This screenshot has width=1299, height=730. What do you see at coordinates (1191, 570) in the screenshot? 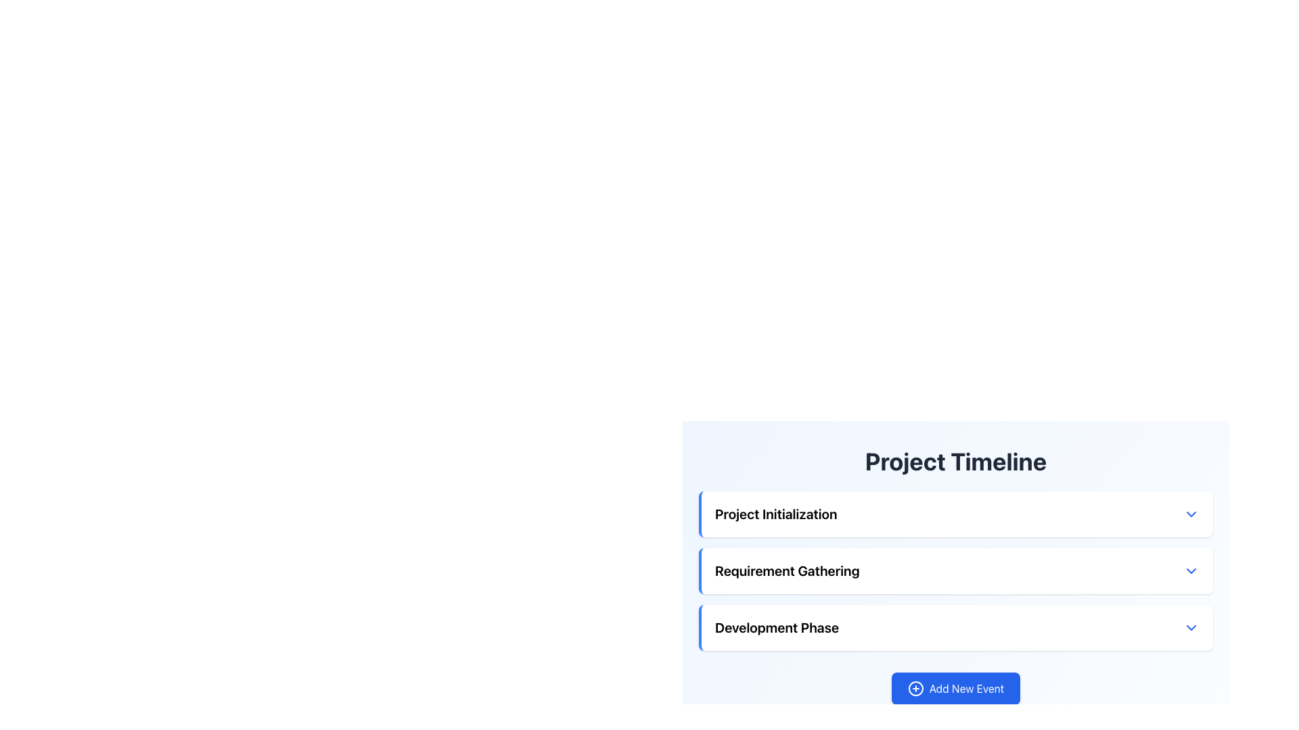
I see `the chevron-down icon of the Dropdown toggle button in the 'Requirement Gathering' section to change its color to a darker blue` at bounding box center [1191, 570].